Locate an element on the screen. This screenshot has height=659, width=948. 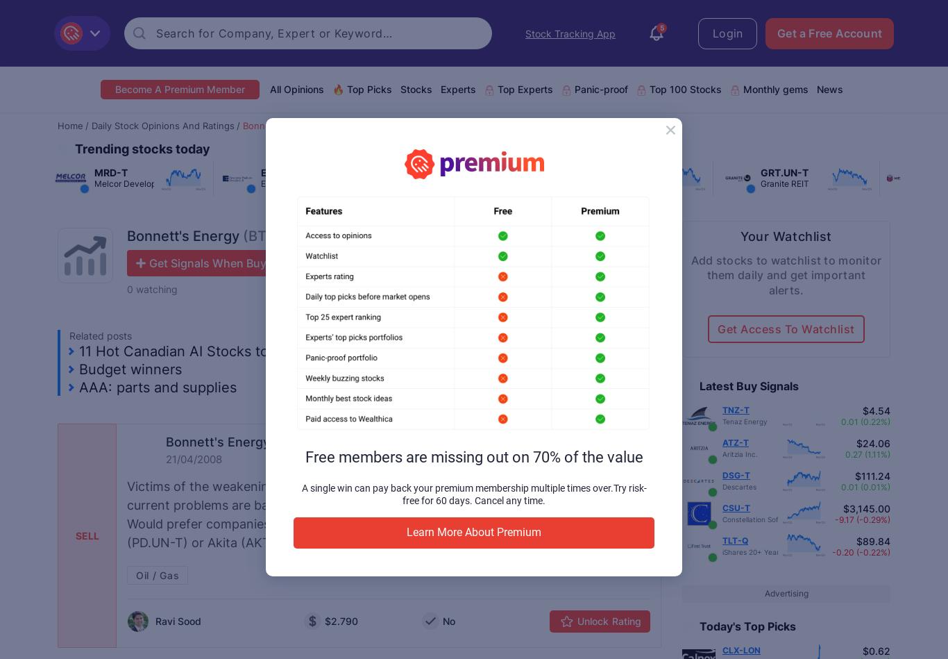
'$111.24' is located at coordinates (854, 475).